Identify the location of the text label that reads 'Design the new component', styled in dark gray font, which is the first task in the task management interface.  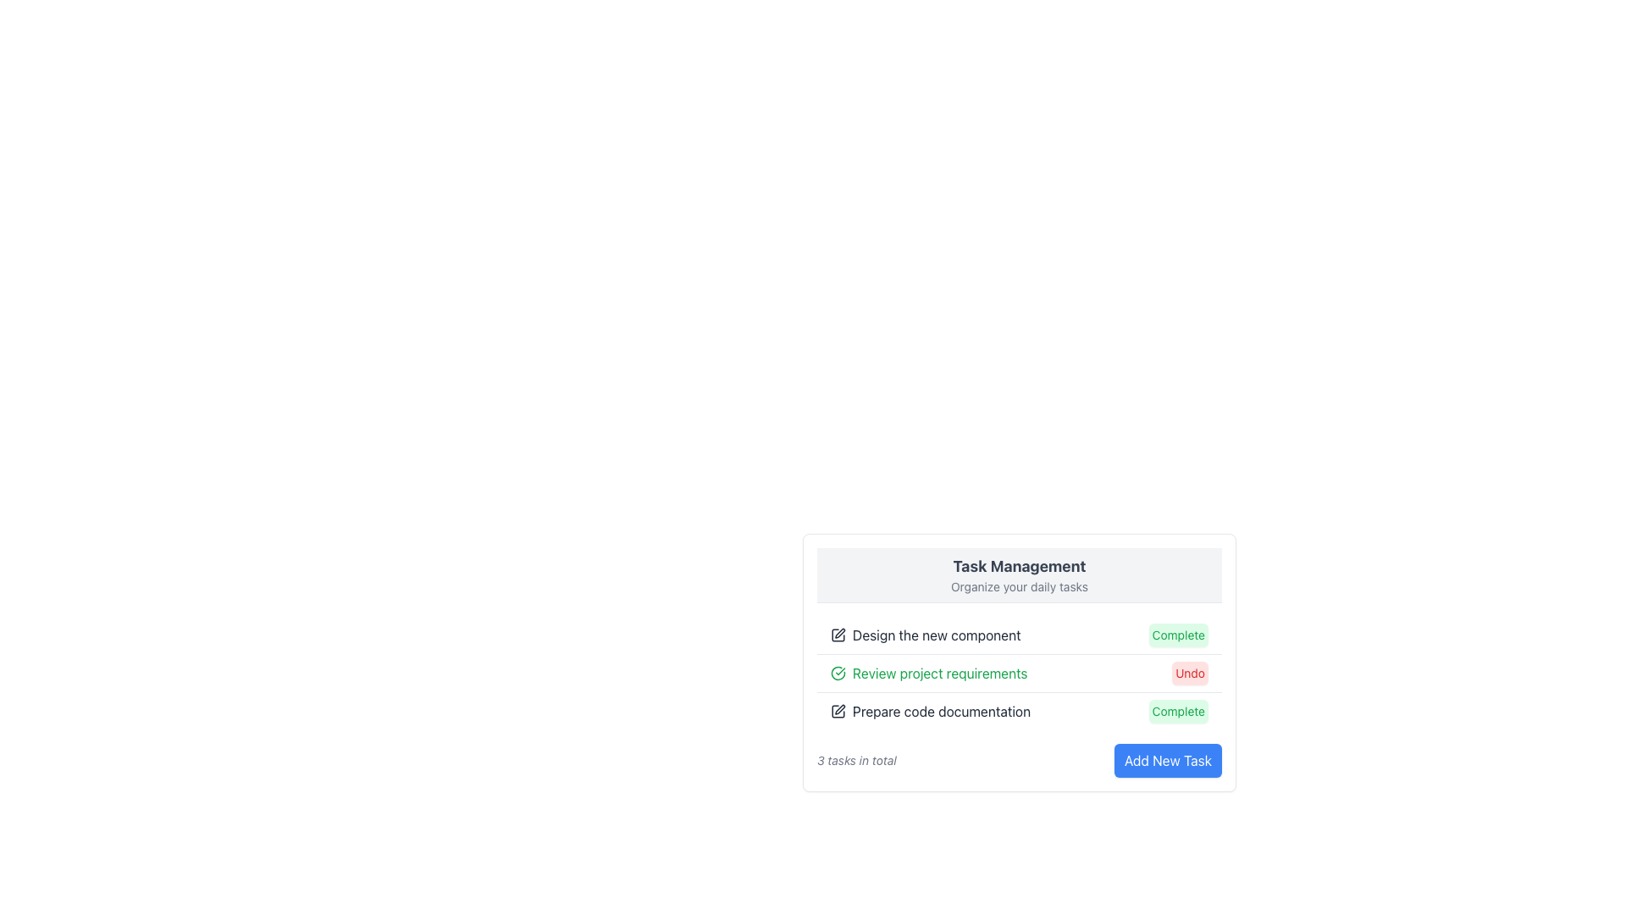
(936, 635).